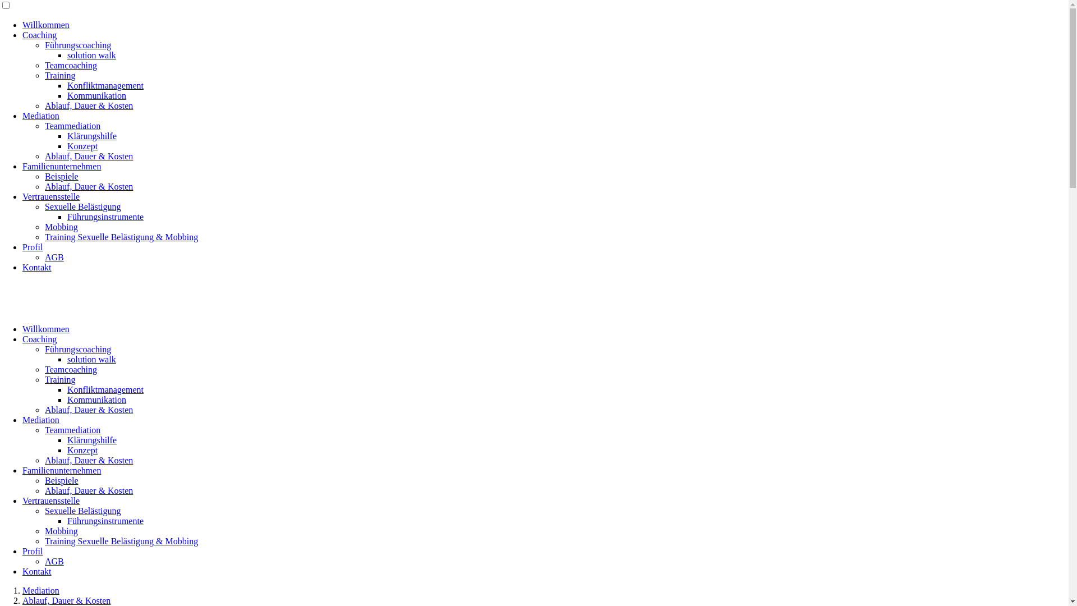  Describe the element at coordinates (61, 227) in the screenshot. I see `'Mobbing'` at that location.